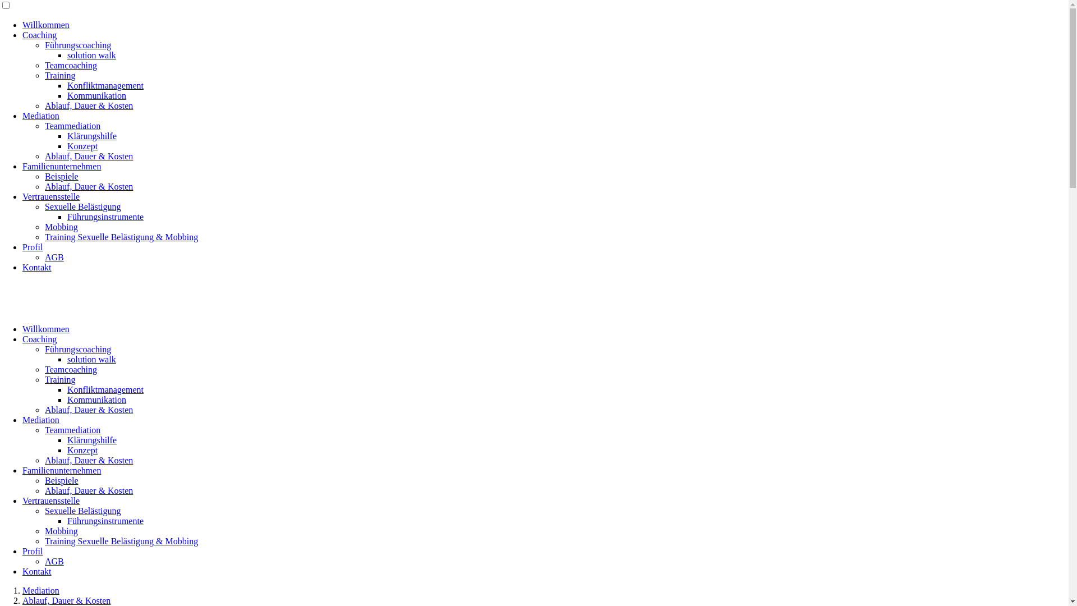  Describe the element at coordinates (61, 227) in the screenshot. I see `'Mobbing'` at that location.